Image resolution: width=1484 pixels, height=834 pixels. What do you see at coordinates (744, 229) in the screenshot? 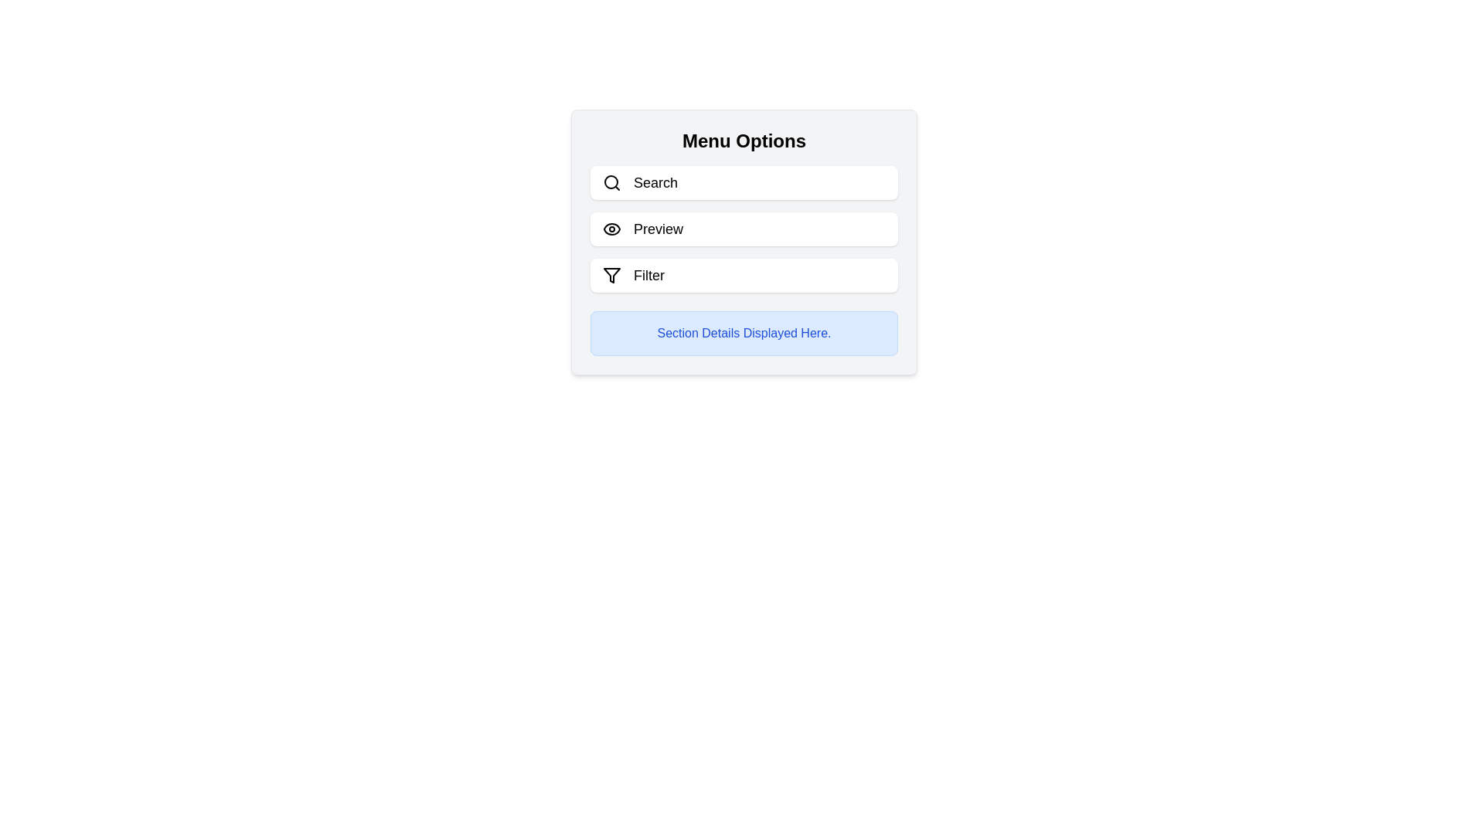
I see `the Preview button to toggle the visibility of the section details` at bounding box center [744, 229].